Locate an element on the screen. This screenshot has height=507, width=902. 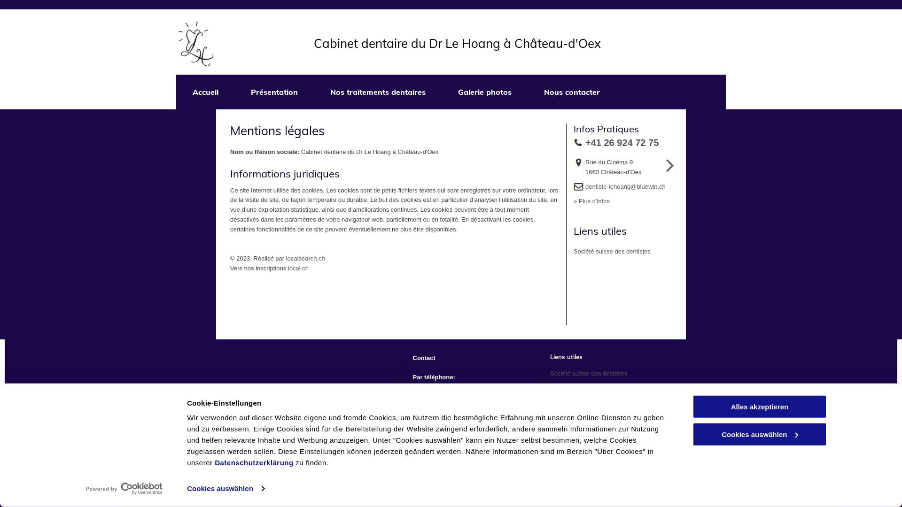
'Galerie photos' is located at coordinates (441, 92).